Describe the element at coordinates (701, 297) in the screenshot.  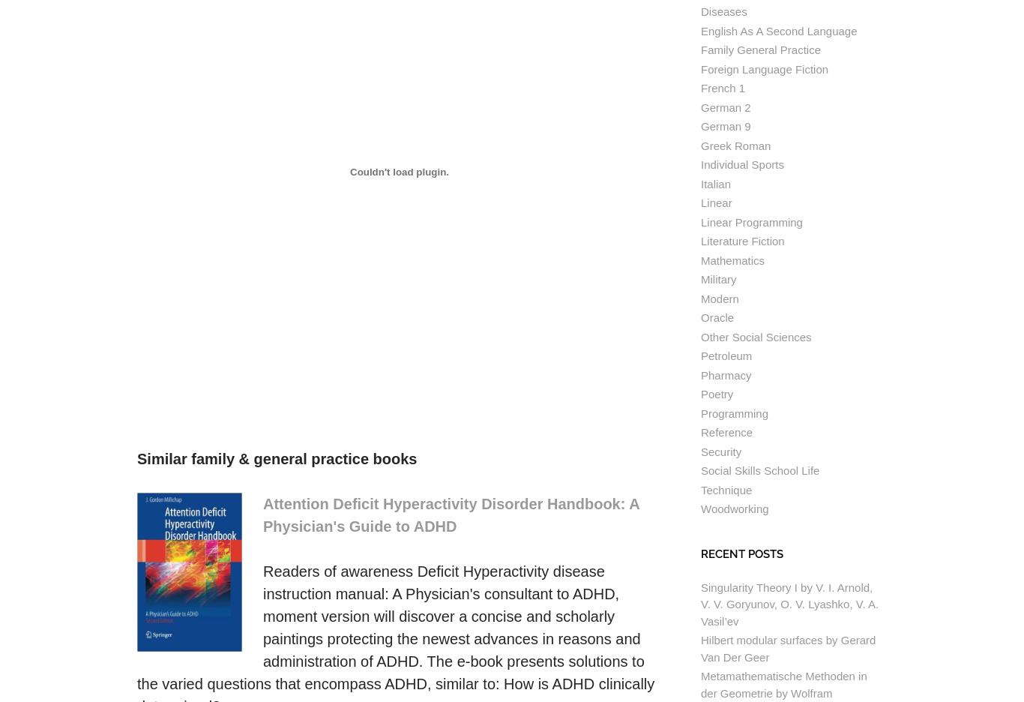
I see `'Modern'` at that location.